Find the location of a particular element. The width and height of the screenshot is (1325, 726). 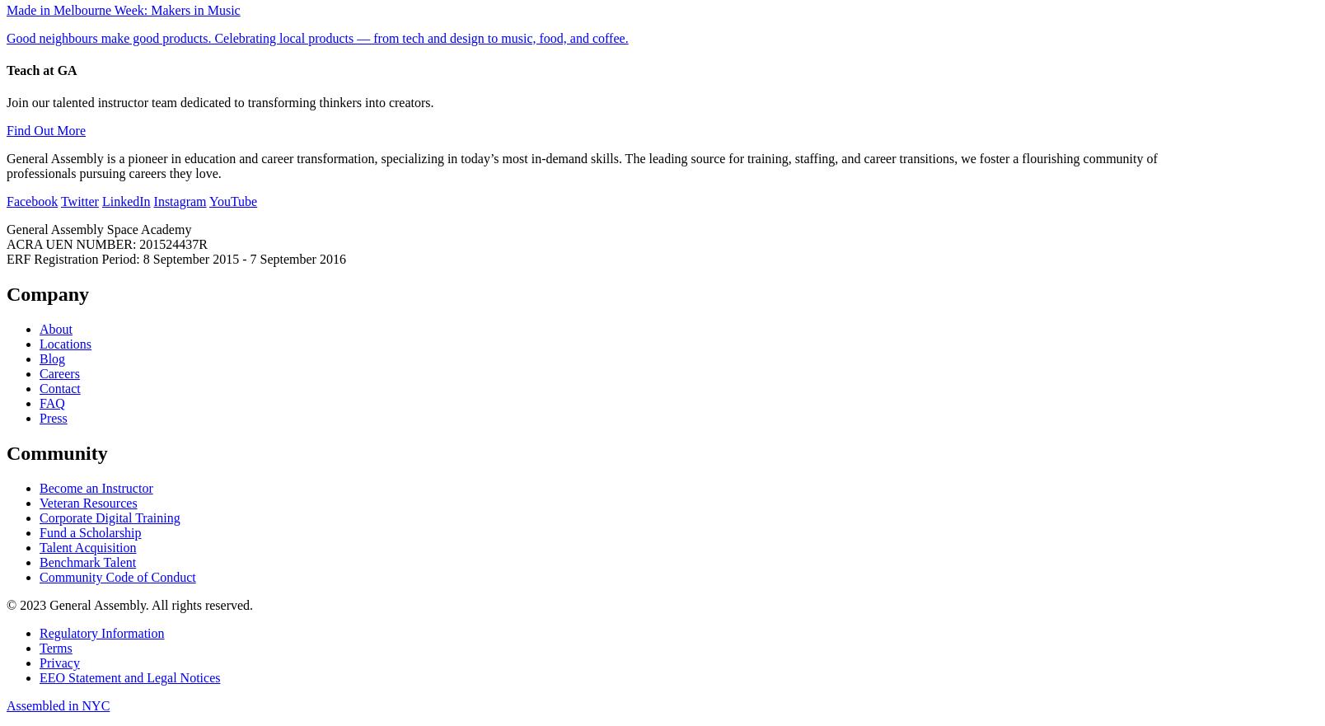

'Community' is located at coordinates (56, 452).